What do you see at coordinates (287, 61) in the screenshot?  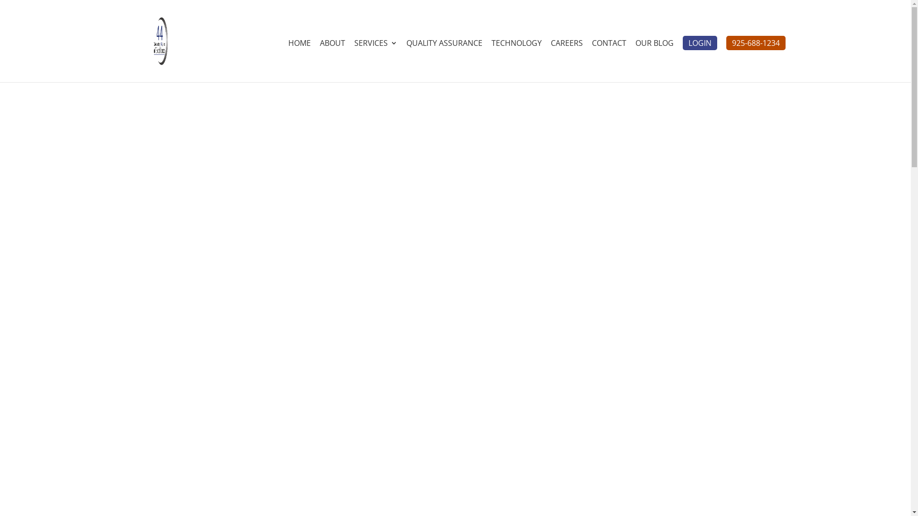 I see `'HOME'` at bounding box center [287, 61].